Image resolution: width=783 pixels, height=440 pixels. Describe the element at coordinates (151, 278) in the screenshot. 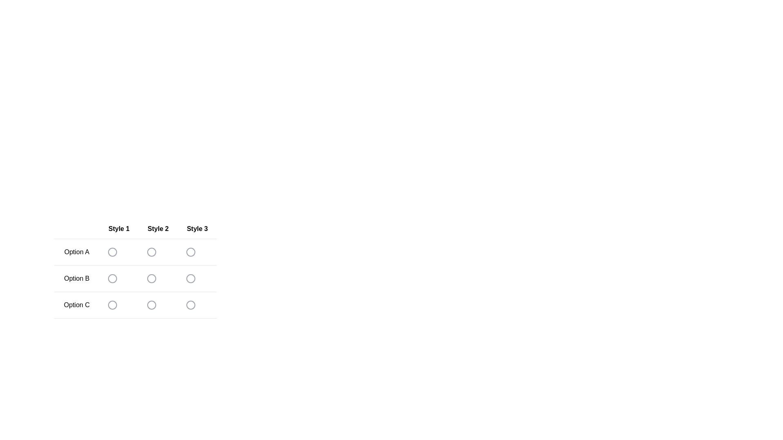

I see `the circular radio button with a gray outline located in the second column of the second row in a 3x3 grid` at that location.